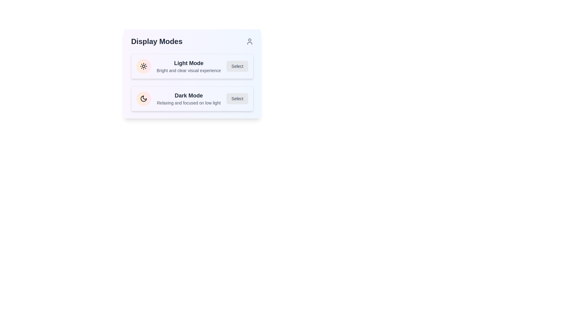 The height and width of the screenshot is (330, 587). What do you see at coordinates (143, 66) in the screenshot?
I see `the circular decorative icon with a gradient background transitioning from orange to pink, which features a black sun icon and is located to the left of the 'Light Mode' text in the display mode options` at bounding box center [143, 66].